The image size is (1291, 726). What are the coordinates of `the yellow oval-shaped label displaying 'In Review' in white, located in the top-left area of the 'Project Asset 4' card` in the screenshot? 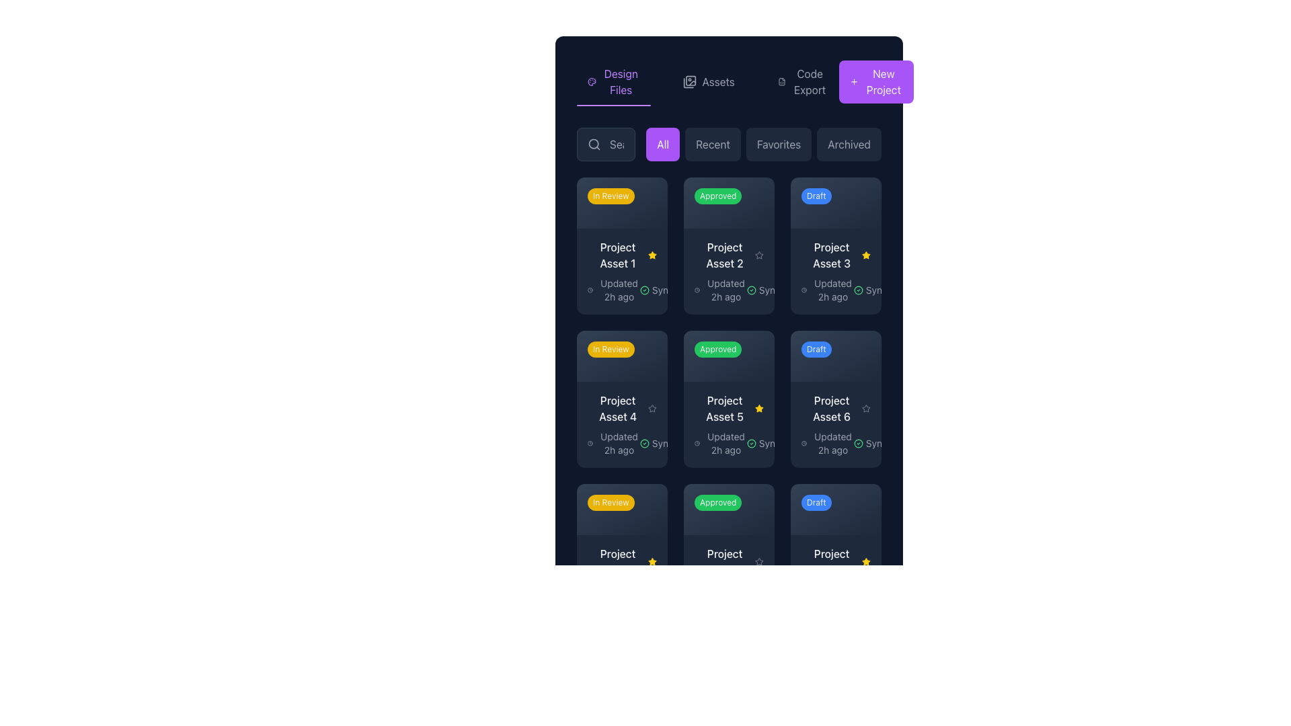 It's located at (619, 351).